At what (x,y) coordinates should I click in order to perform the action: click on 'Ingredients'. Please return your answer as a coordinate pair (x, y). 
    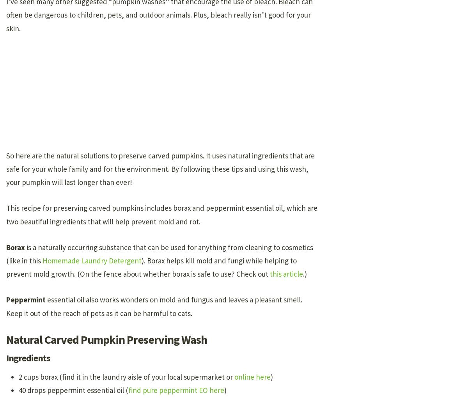
    Looking at the image, I should click on (28, 357).